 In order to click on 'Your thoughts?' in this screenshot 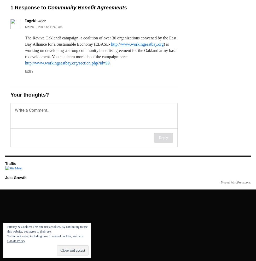, I will do `click(30, 94)`.